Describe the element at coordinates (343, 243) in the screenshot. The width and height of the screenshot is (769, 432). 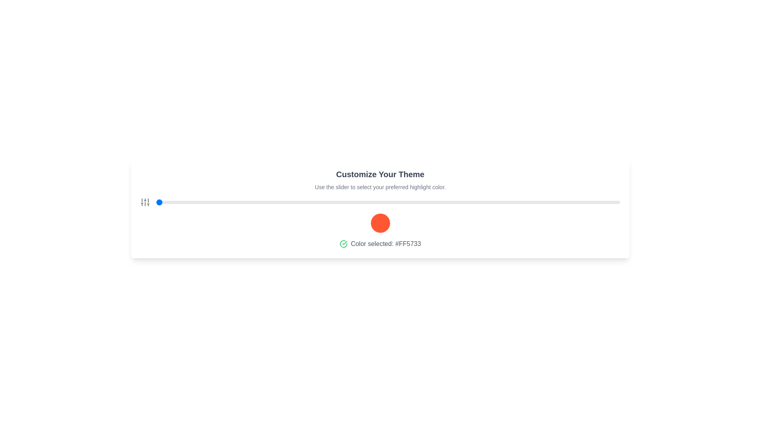
I see `the visual indicator icon to confirm the active color selection located to the left of the text 'Color selected: #FF5733'` at that location.